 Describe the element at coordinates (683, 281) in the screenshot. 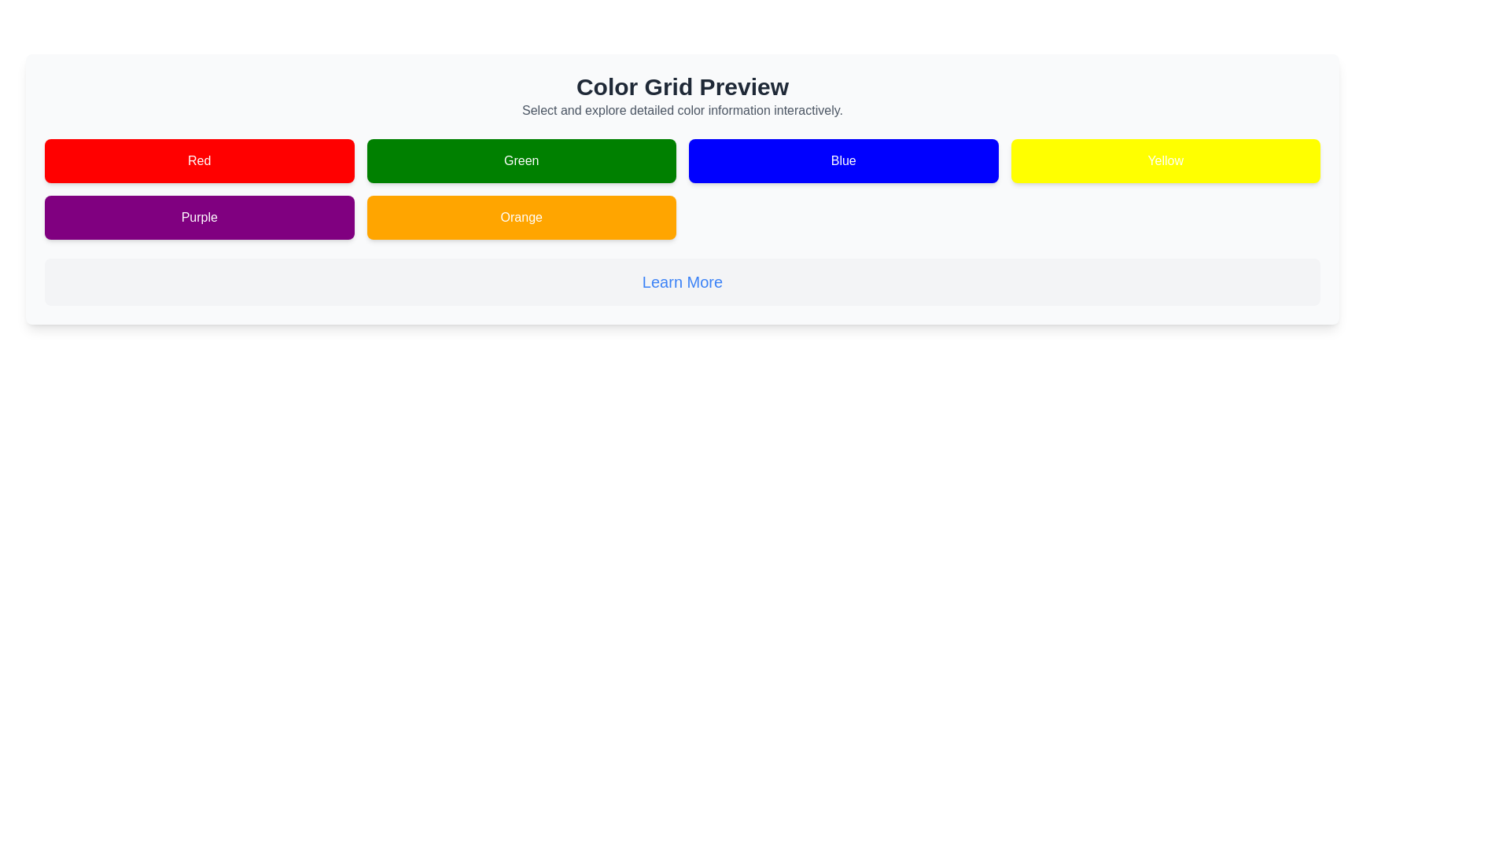

I see `the interactive link located centrally within the highlighted box below the main grid of colored buttons, directly under the 'Color Grid Preview' section, to show a context menu` at that location.